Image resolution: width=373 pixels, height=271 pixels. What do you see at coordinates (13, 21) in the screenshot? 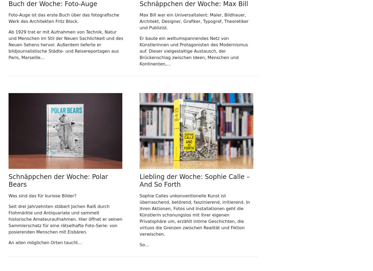
I see `'AGB'` at bounding box center [13, 21].